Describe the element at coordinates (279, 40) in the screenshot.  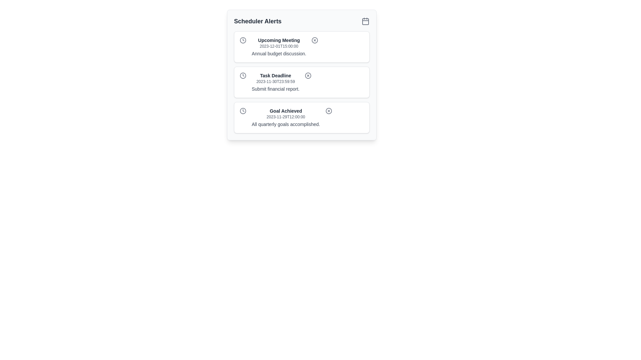
I see `text content of the title or header for the notification card located at the top of the first card in the 'Scheduler Alerts' section` at that location.